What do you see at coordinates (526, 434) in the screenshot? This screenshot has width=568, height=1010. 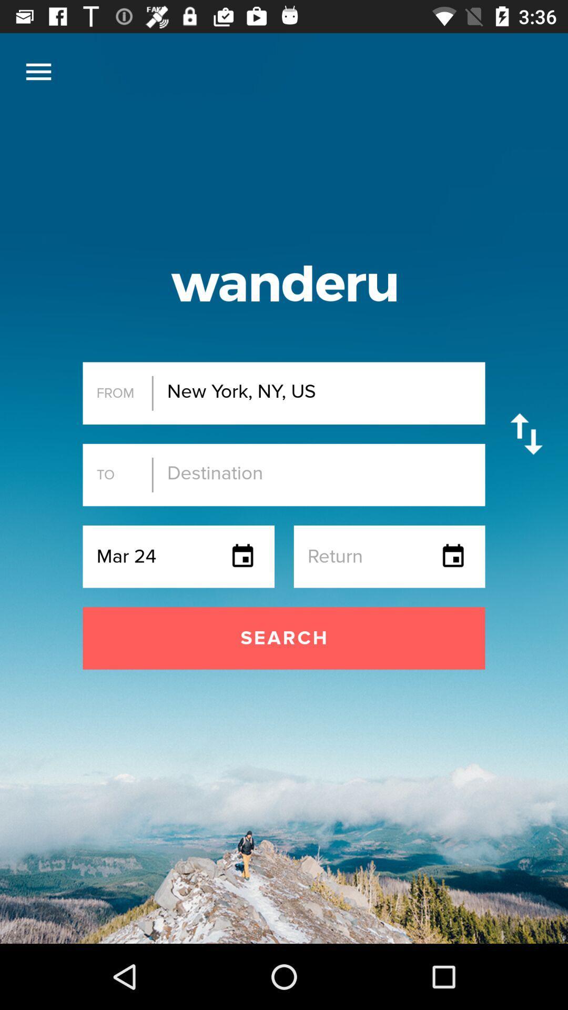 I see `swap from and to` at bounding box center [526, 434].